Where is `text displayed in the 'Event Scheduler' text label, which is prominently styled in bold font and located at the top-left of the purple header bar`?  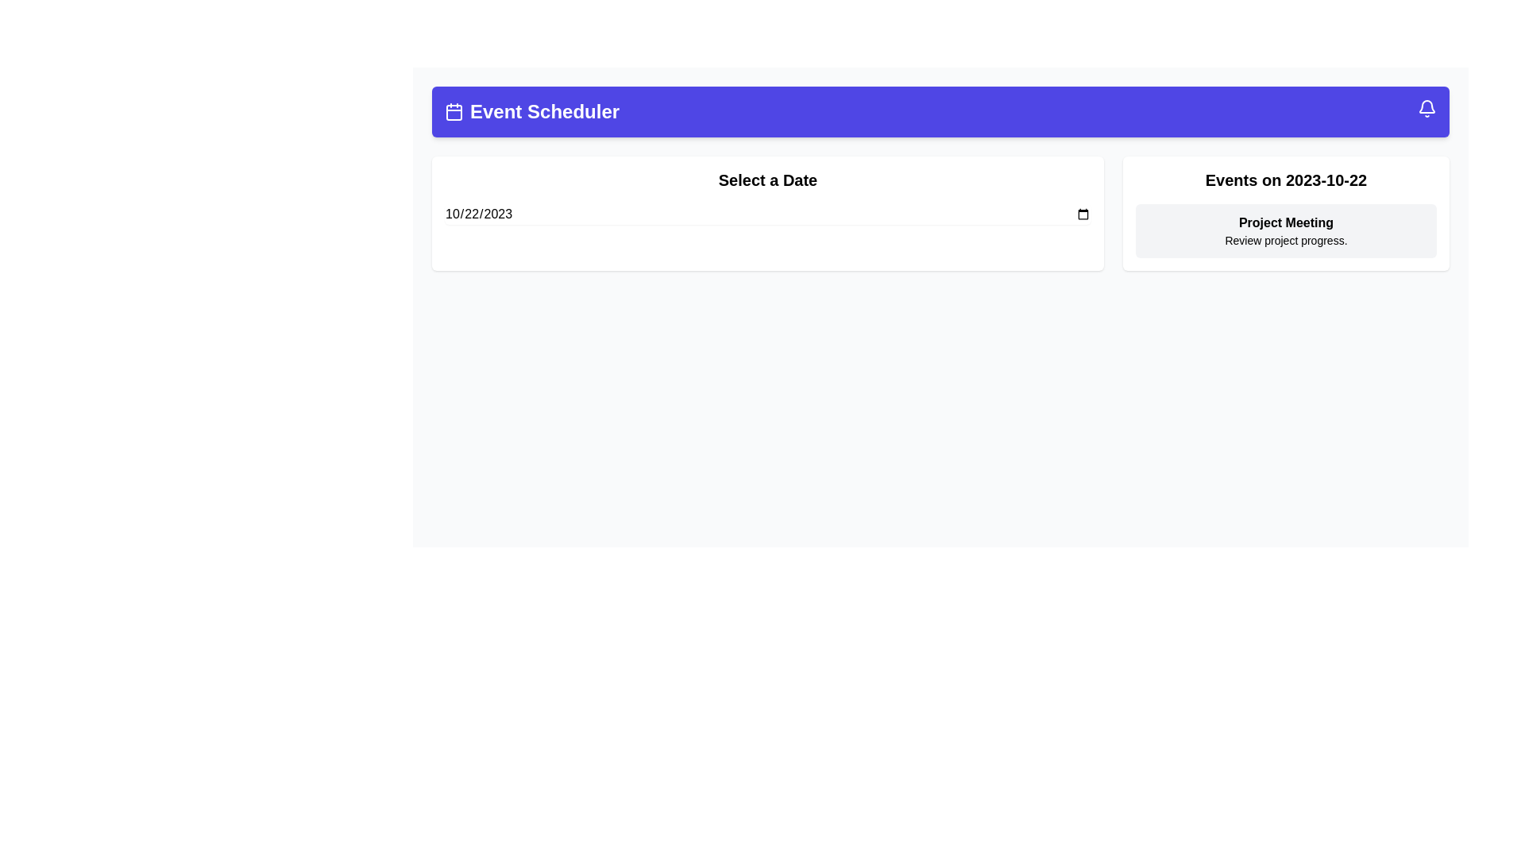
text displayed in the 'Event Scheduler' text label, which is prominently styled in bold font and located at the top-left of the purple header bar is located at coordinates (532, 111).